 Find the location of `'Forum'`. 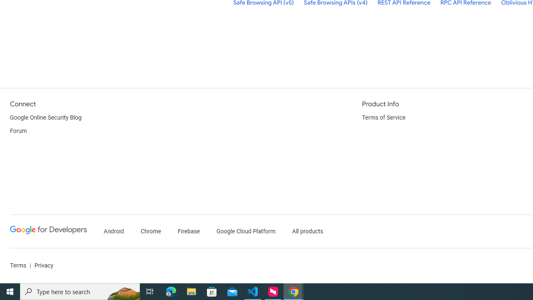

'Forum' is located at coordinates (18, 131).